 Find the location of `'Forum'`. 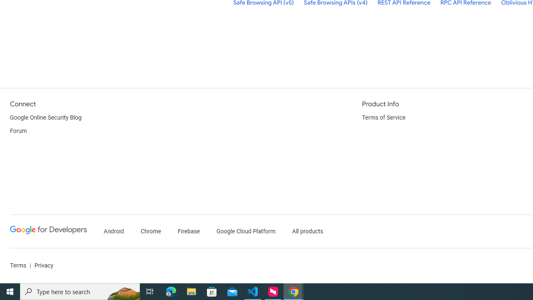

'Forum' is located at coordinates (18, 131).